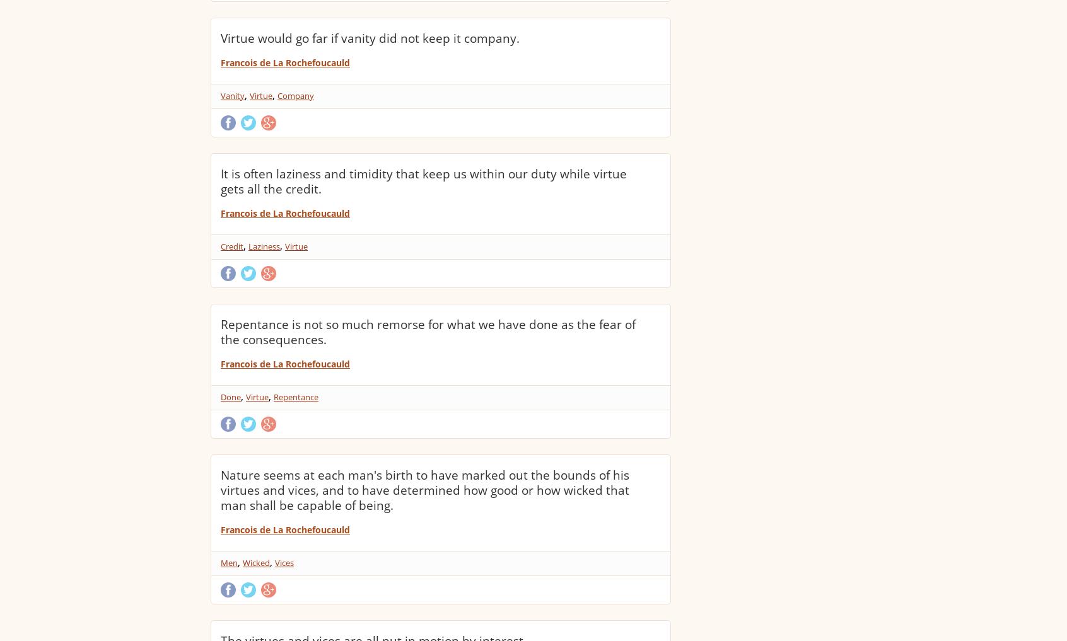  Describe the element at coordinates (424, 181) in the screenshot. I see `'It is often laziness and timidity that keep us within our duty while virtue gets all the credit.'` at that location.